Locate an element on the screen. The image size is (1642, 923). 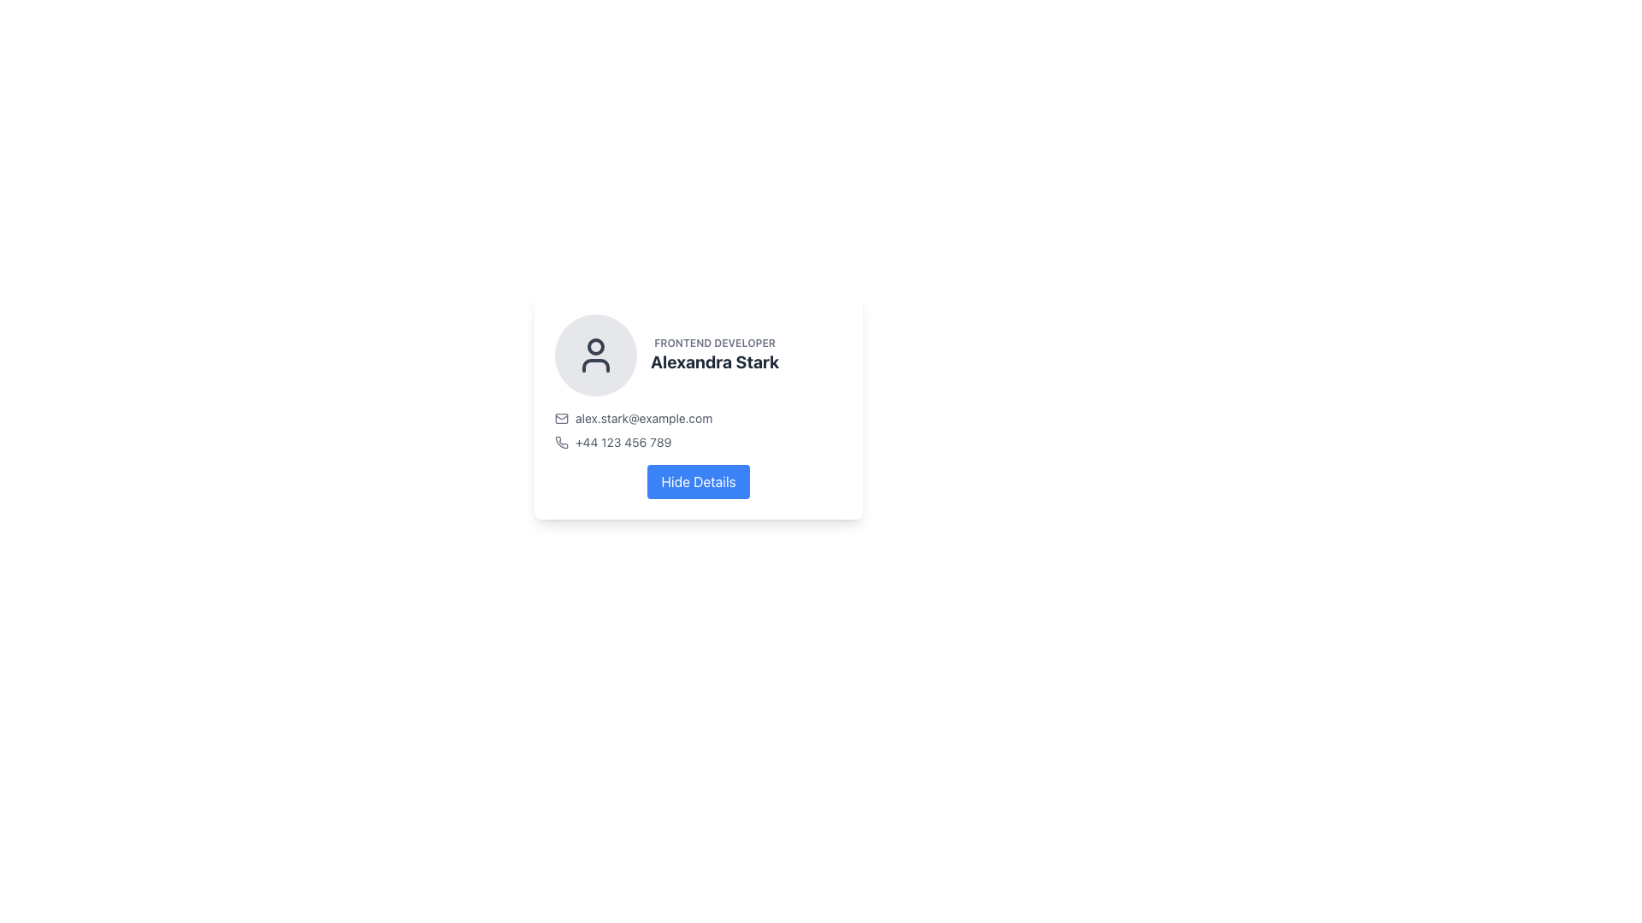
the circular graphical component that is part of the user profile icon, located at the top center of the icon on the left section of the user card interface is located at coordinates (595, 346).